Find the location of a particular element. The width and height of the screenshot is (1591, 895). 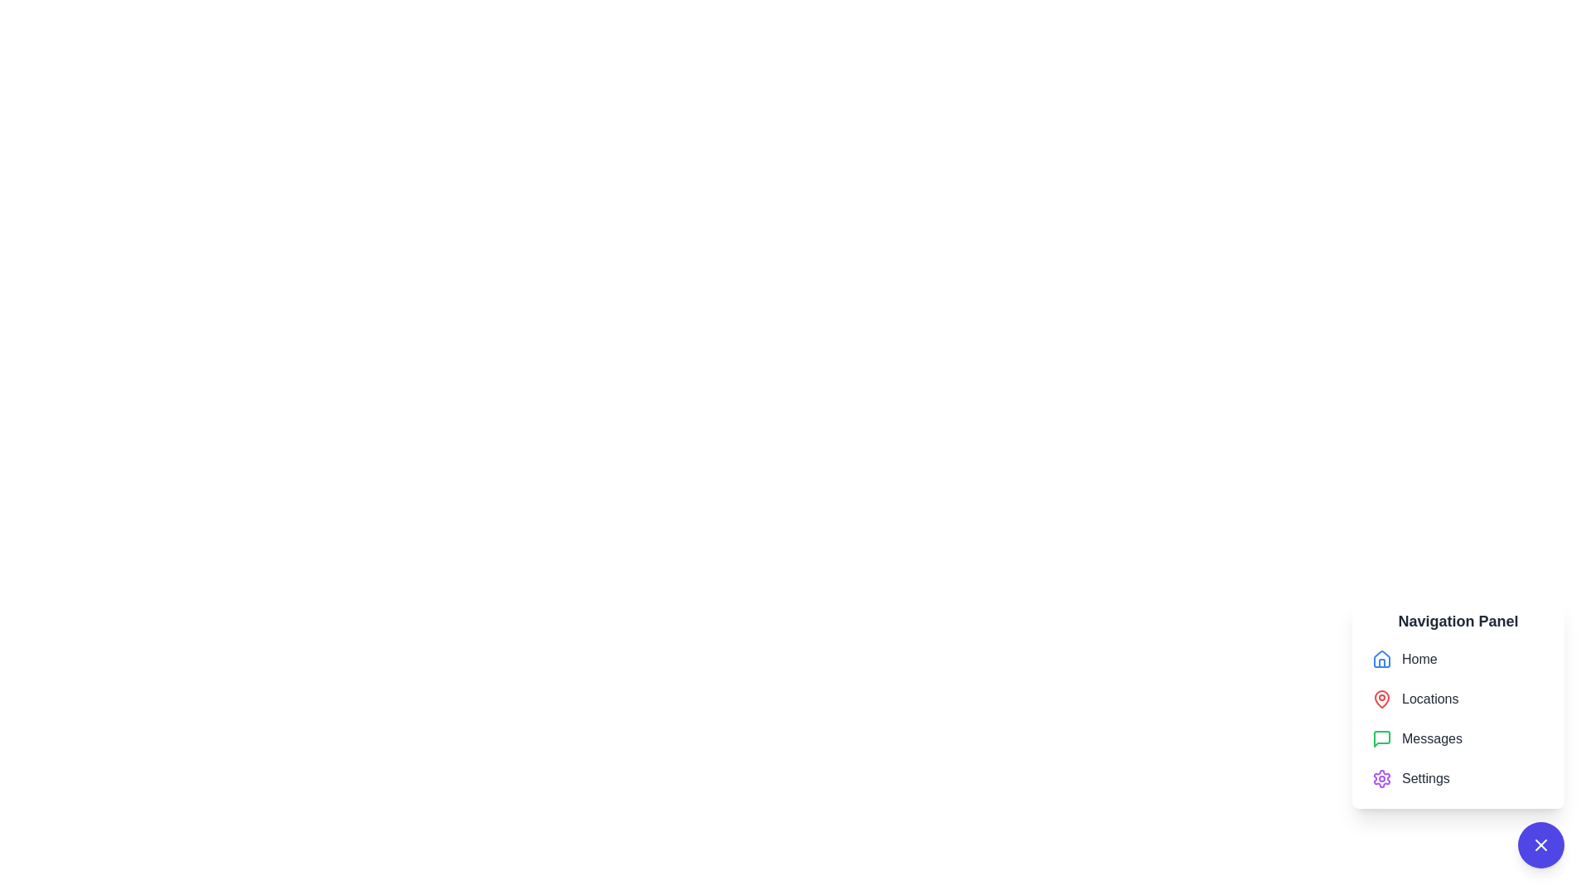

the 'Locations' label in the navigation menu, which is styled in dark gray and displayed in a sans-serif font, positioned below 'Home' and above 'Messages' is located at coordinates (1429, 699).